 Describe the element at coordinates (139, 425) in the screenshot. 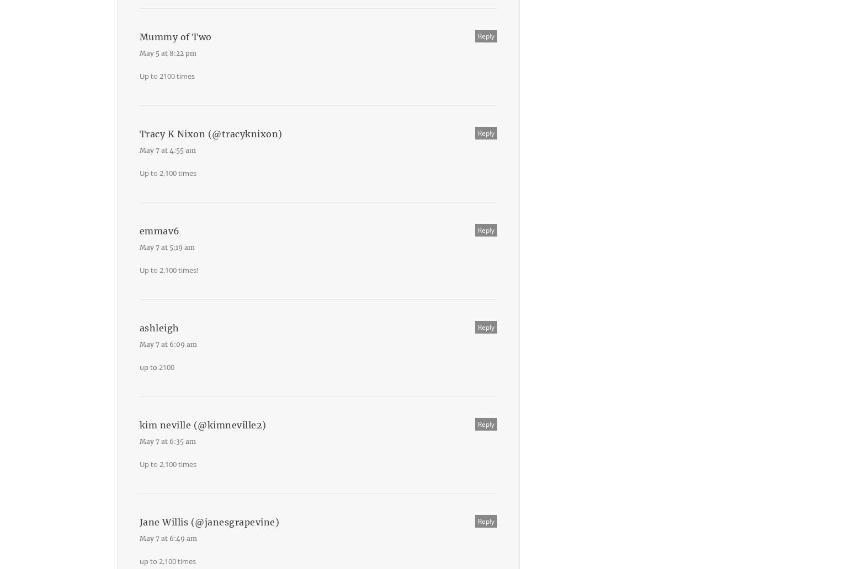

I see `'kim neville (@kimneville2)'` at that location.